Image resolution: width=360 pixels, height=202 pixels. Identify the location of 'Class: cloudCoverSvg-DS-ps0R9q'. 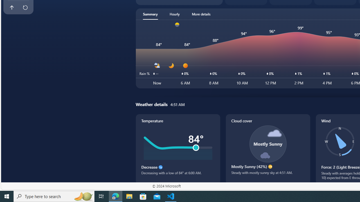
(267, 144).